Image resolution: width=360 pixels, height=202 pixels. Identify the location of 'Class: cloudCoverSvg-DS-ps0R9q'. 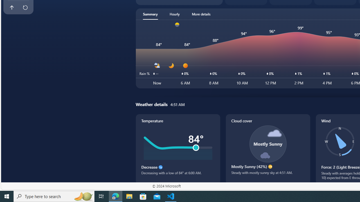
(267, 144).